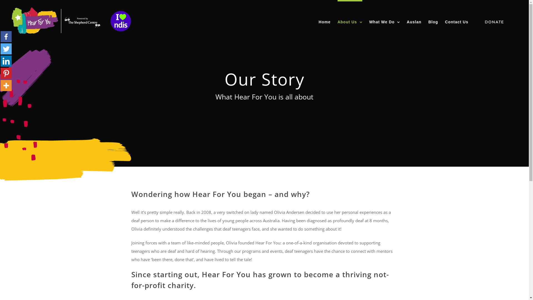 The height and width of the screenshot is (300, 533). Describe the element at coordinates (325, 21) in the screenshot. I see `'Home'` at that location.